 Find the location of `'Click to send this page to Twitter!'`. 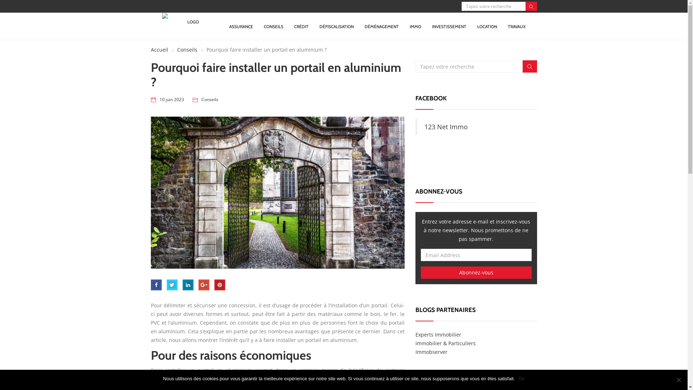

'Click to send this page to Twitter!' is located at coordinates (166, 285).